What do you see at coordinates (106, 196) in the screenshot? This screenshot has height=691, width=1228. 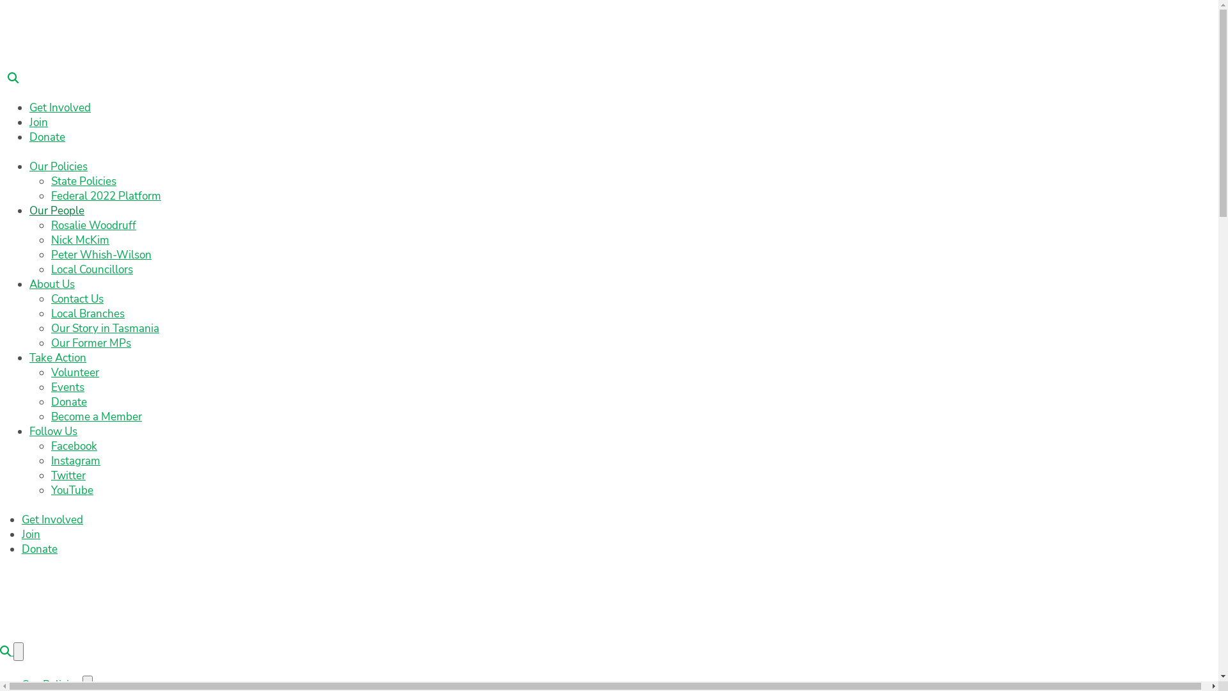 I see `'Federal 2022 Platform'` at bounding box center [106, 196].